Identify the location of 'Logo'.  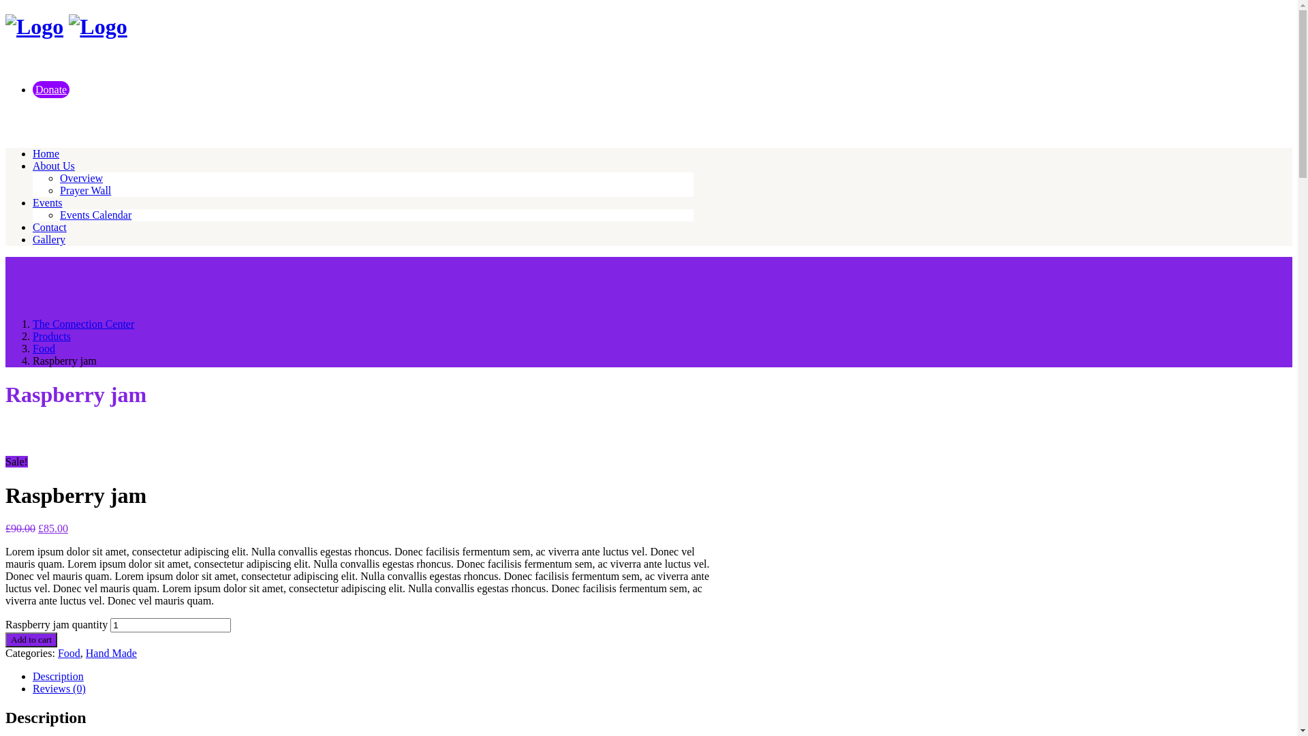
(34, 26).